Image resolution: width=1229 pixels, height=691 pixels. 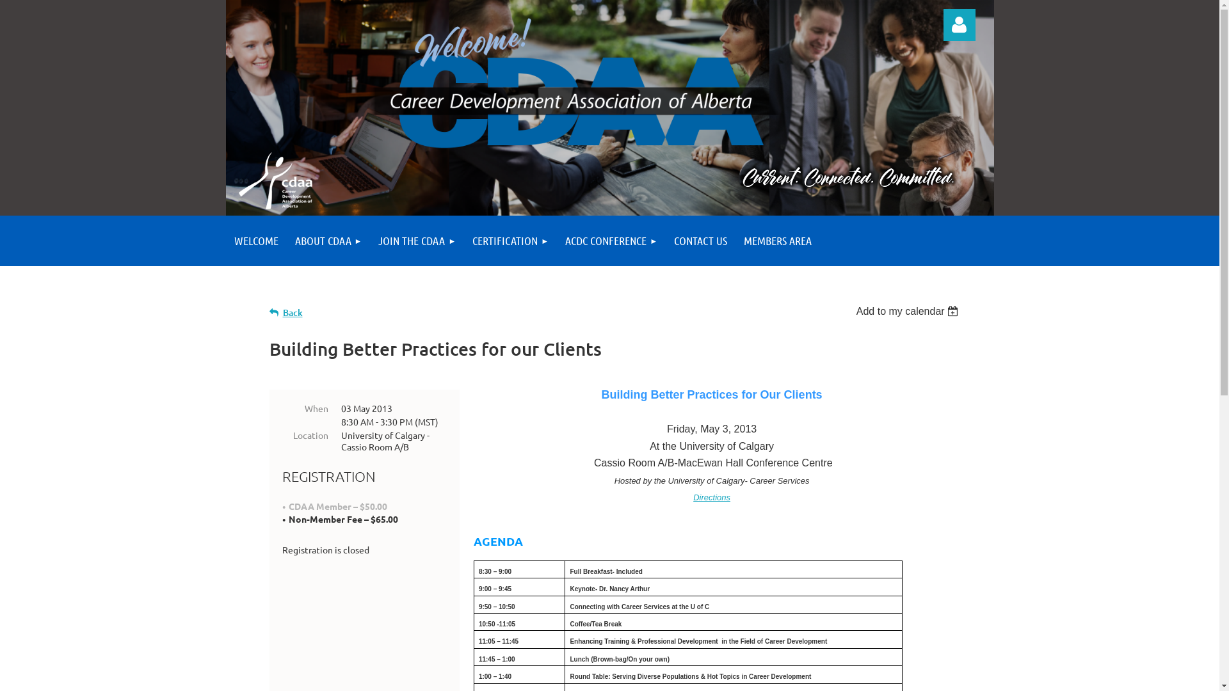 What do you see at coordinates (776, 241) in the screenshot?
I see `'MEMBERS AREA'` at bounding box center [776, 241].